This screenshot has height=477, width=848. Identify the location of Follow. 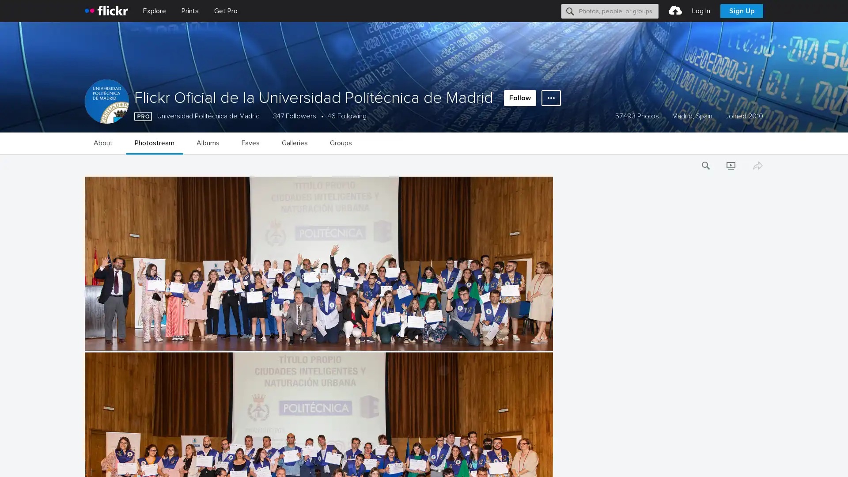
(520, 98).